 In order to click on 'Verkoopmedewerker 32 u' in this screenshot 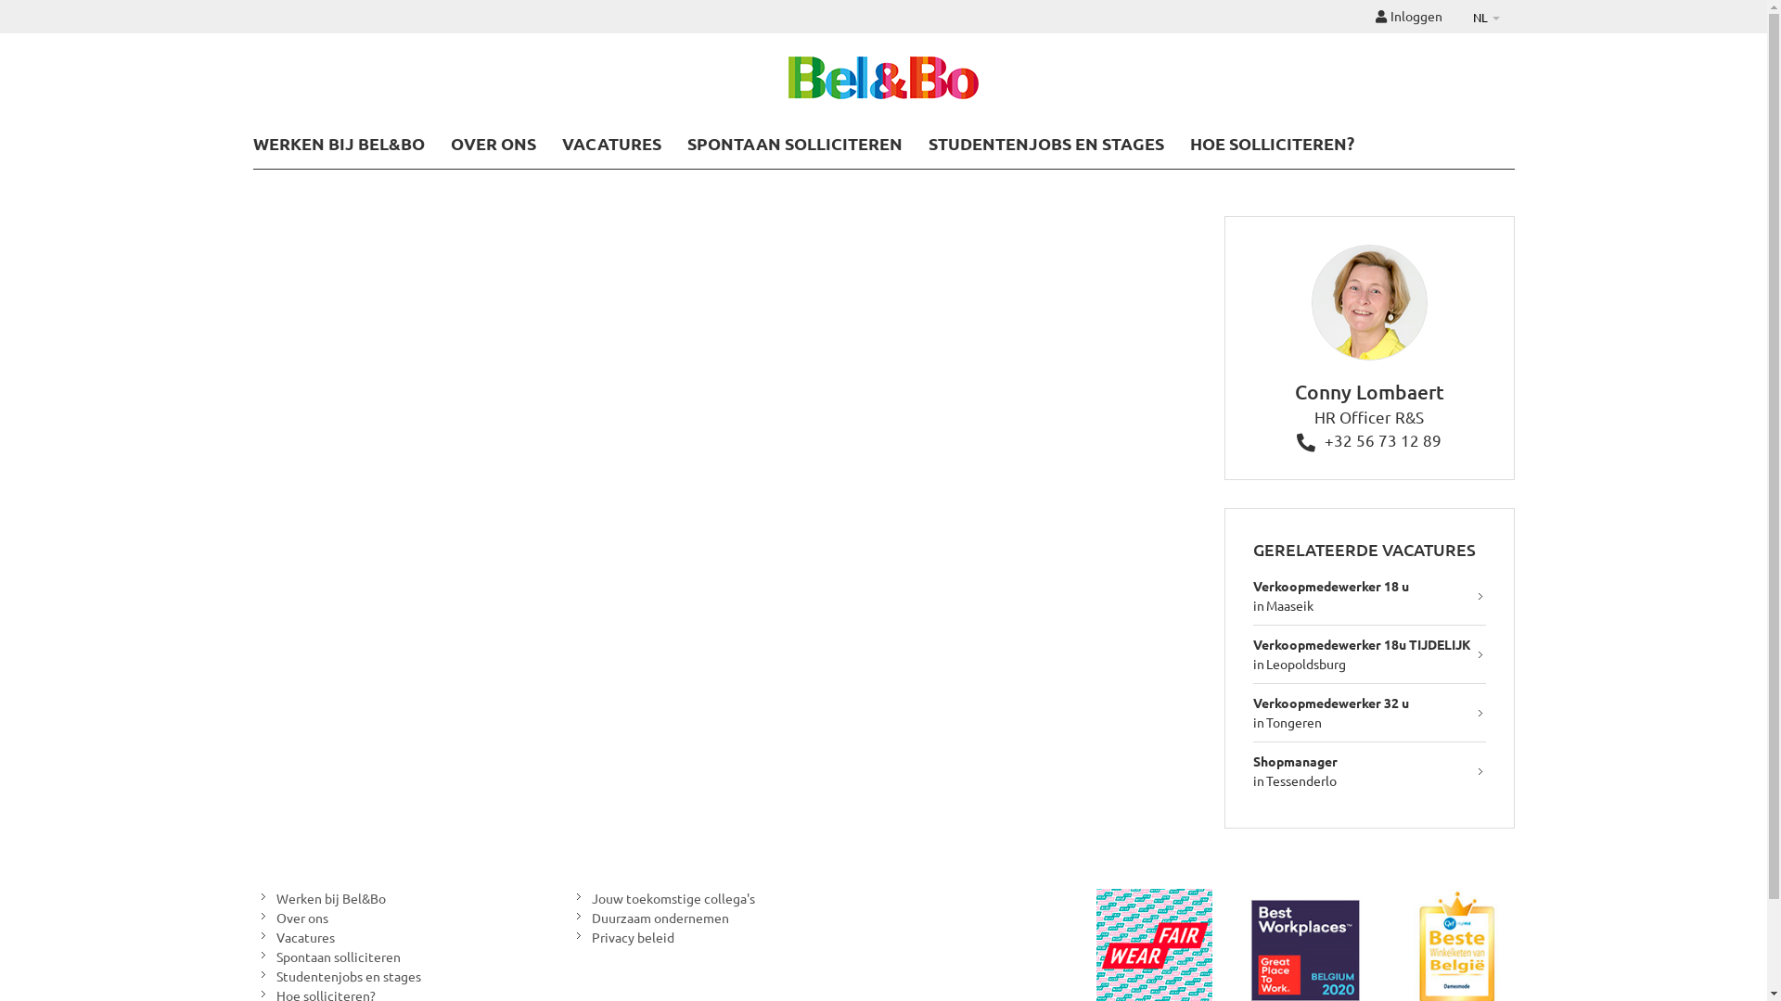, I will do `click(1330, 703)`.